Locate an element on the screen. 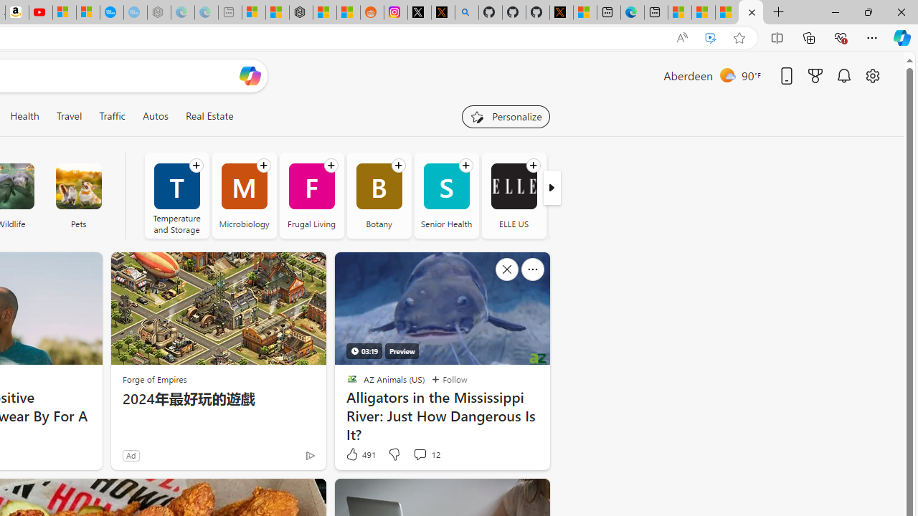  'Mostly sunny' is located at coordinates (727, 75).